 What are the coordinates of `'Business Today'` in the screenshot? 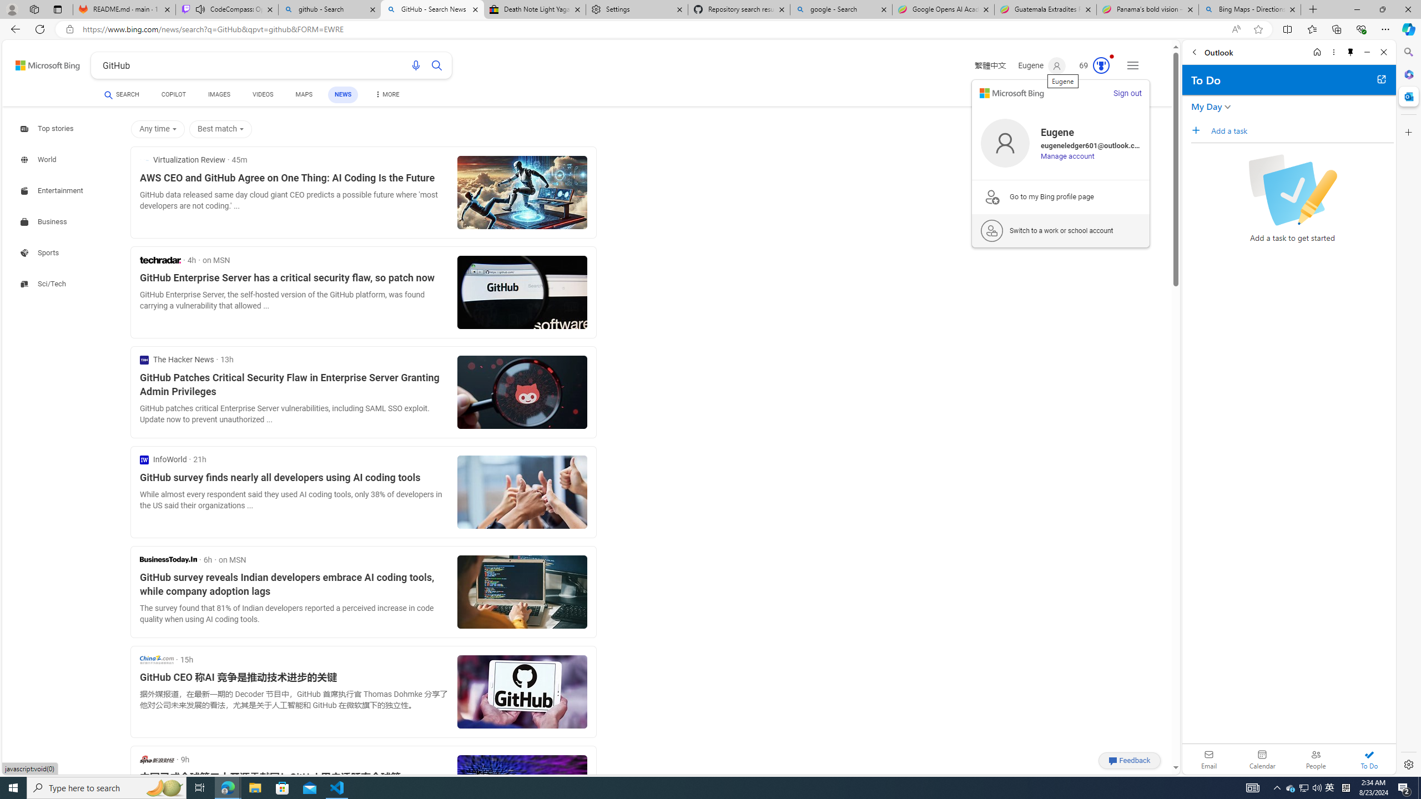 It's located at (168, 559).